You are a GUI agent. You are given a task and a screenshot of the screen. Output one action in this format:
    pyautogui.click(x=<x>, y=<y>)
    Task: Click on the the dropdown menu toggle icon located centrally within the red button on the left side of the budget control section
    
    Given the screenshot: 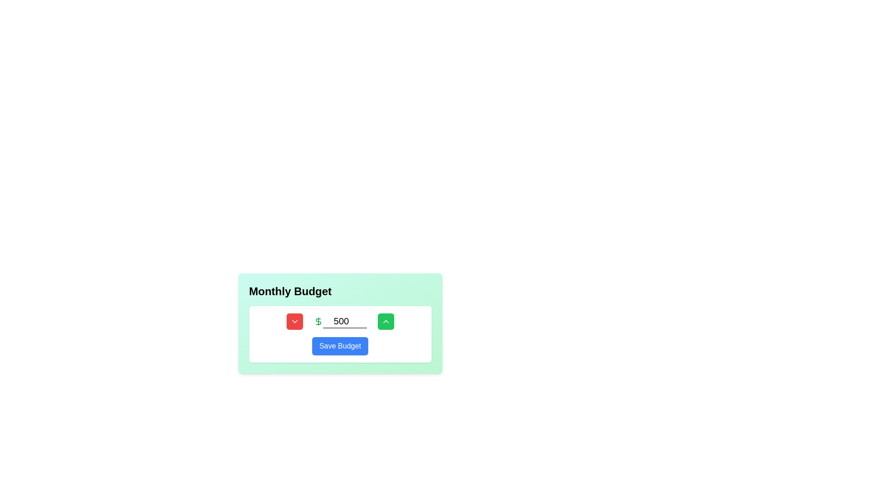 What is the action you would take?
    pyautogui.click(x=294, y=321)
    